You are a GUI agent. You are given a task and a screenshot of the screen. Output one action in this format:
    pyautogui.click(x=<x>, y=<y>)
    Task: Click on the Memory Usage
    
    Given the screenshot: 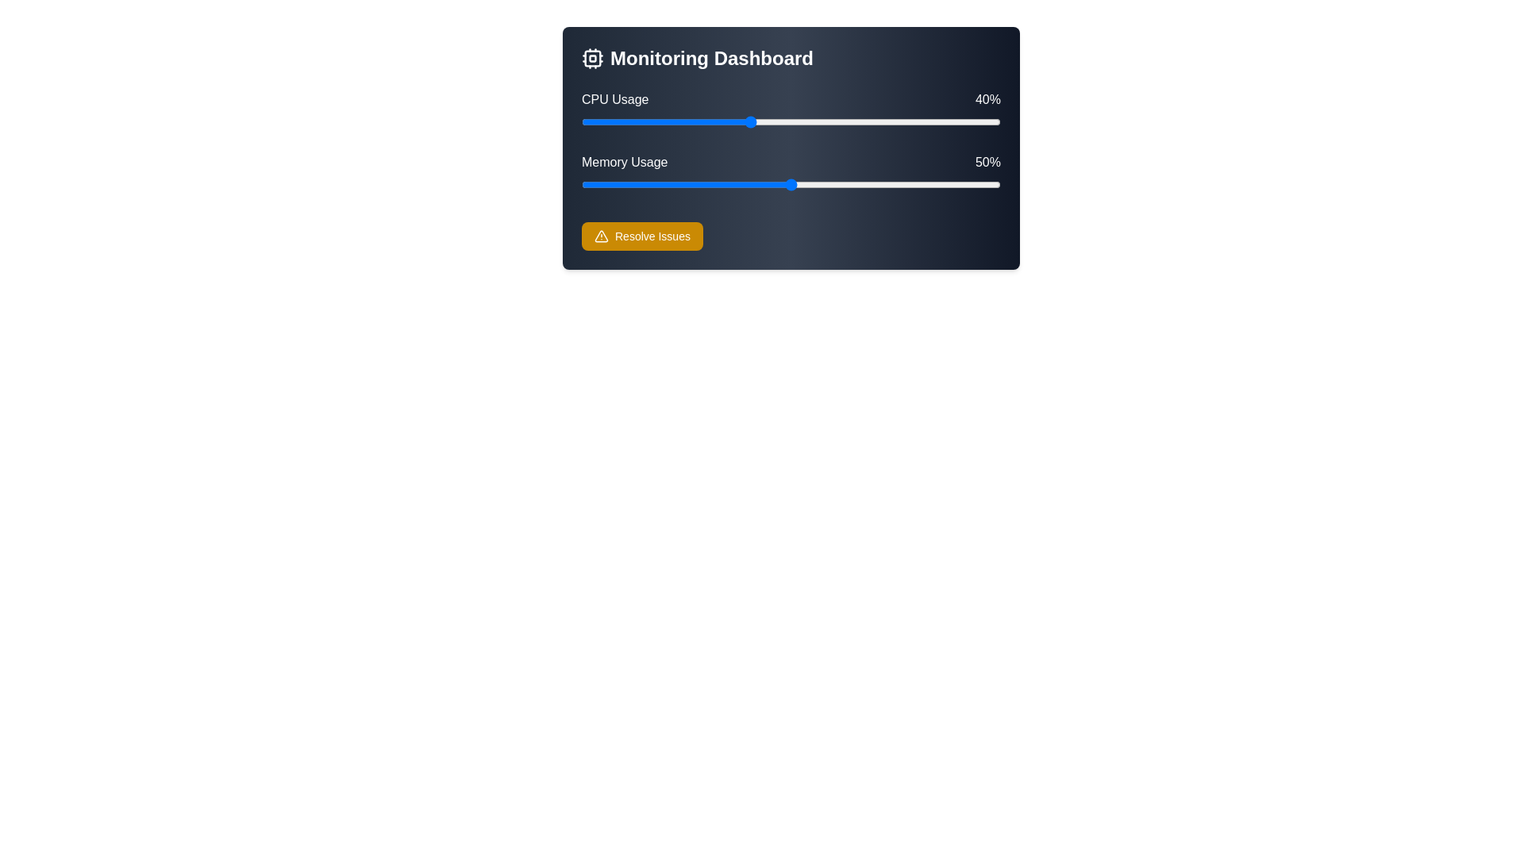 What is the action you would take?
    pyautogui.click(x=614, y=183)
    